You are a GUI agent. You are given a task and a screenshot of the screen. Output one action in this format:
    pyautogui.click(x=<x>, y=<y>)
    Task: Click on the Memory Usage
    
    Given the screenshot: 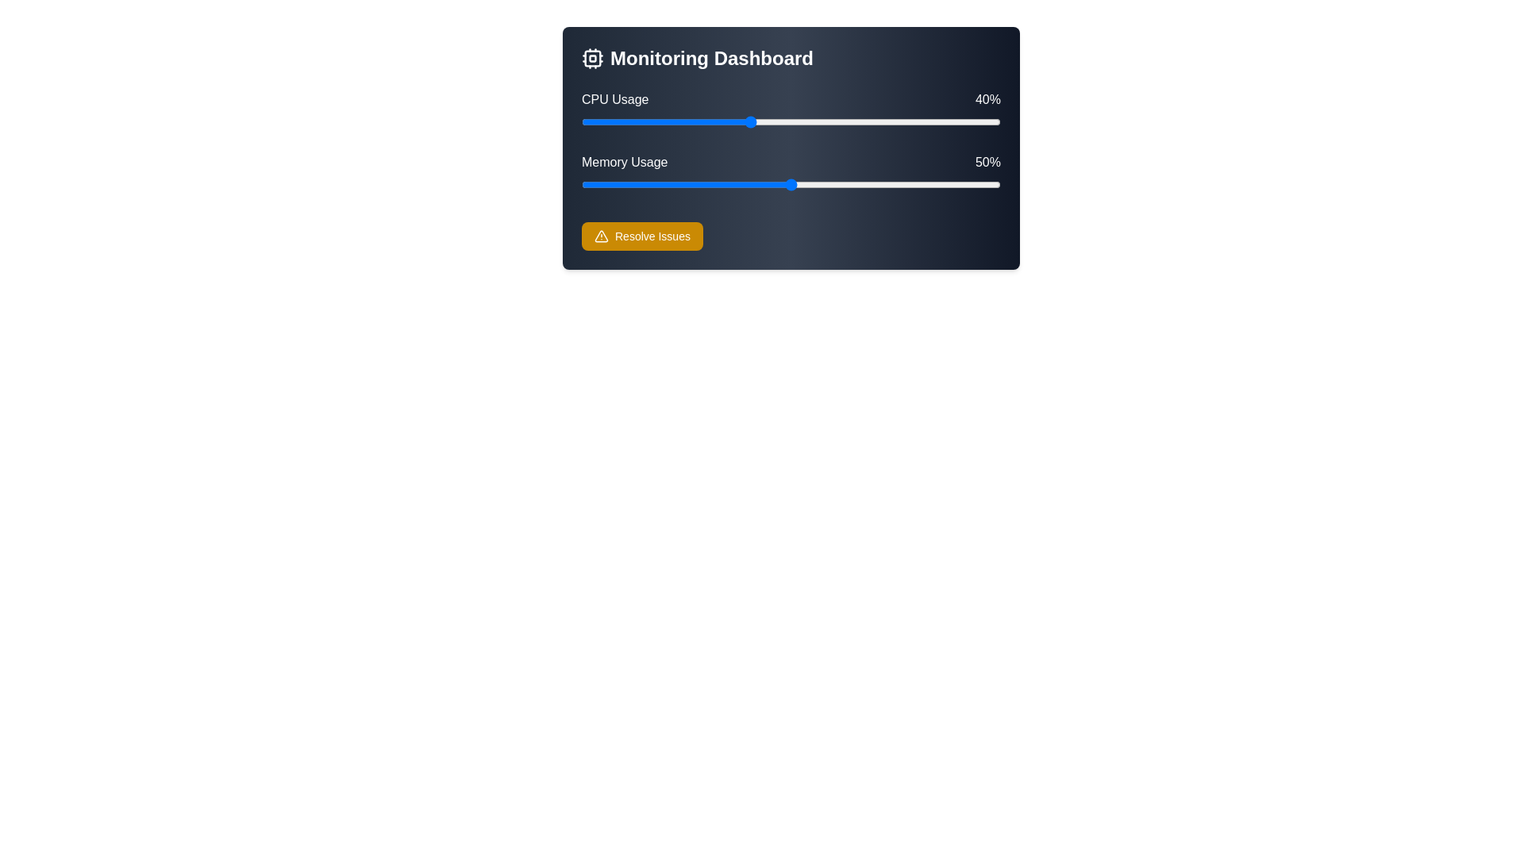 What is the action you would take?
    pyautogui.click(x=614, y=183)
    